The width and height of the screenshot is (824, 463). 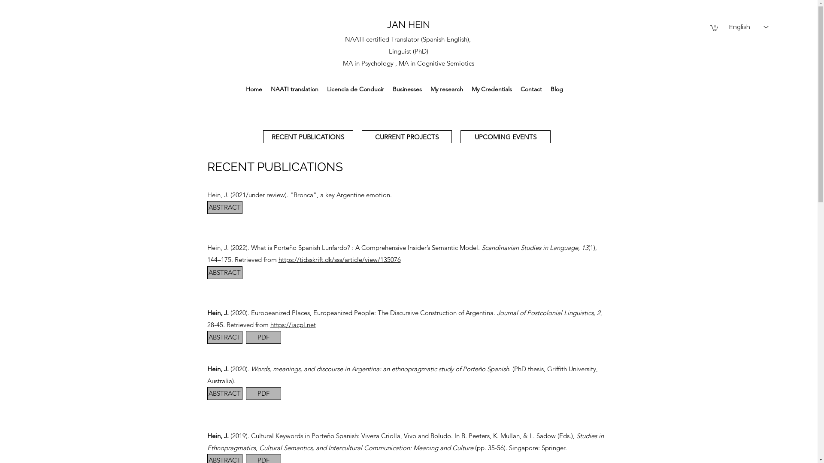 What do you see at coordinates (293, 325) in the screenshot?
I see `'https://iacpl.net'` at bounding box center [293, 325].